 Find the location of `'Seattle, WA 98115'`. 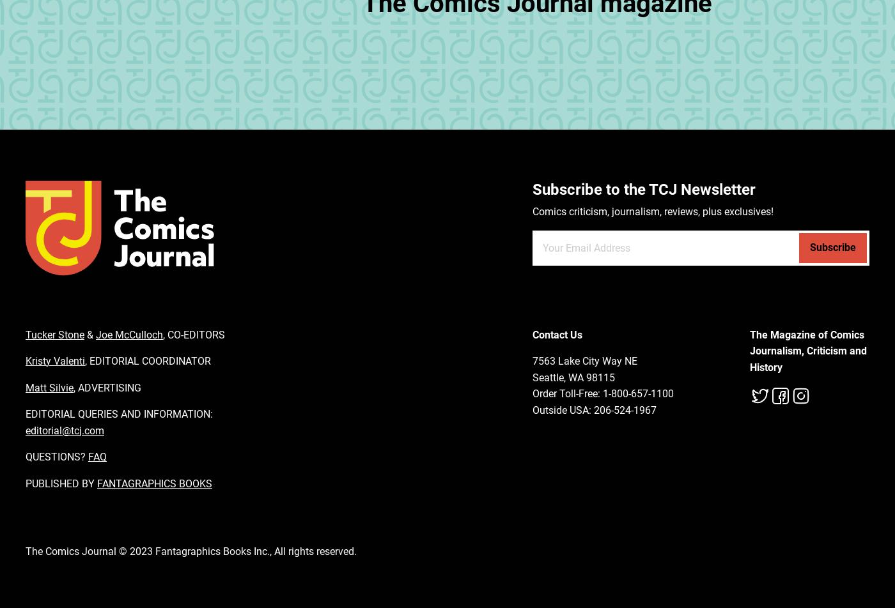

'Seattle, WA 98115' is located at coordinates (533, 377).